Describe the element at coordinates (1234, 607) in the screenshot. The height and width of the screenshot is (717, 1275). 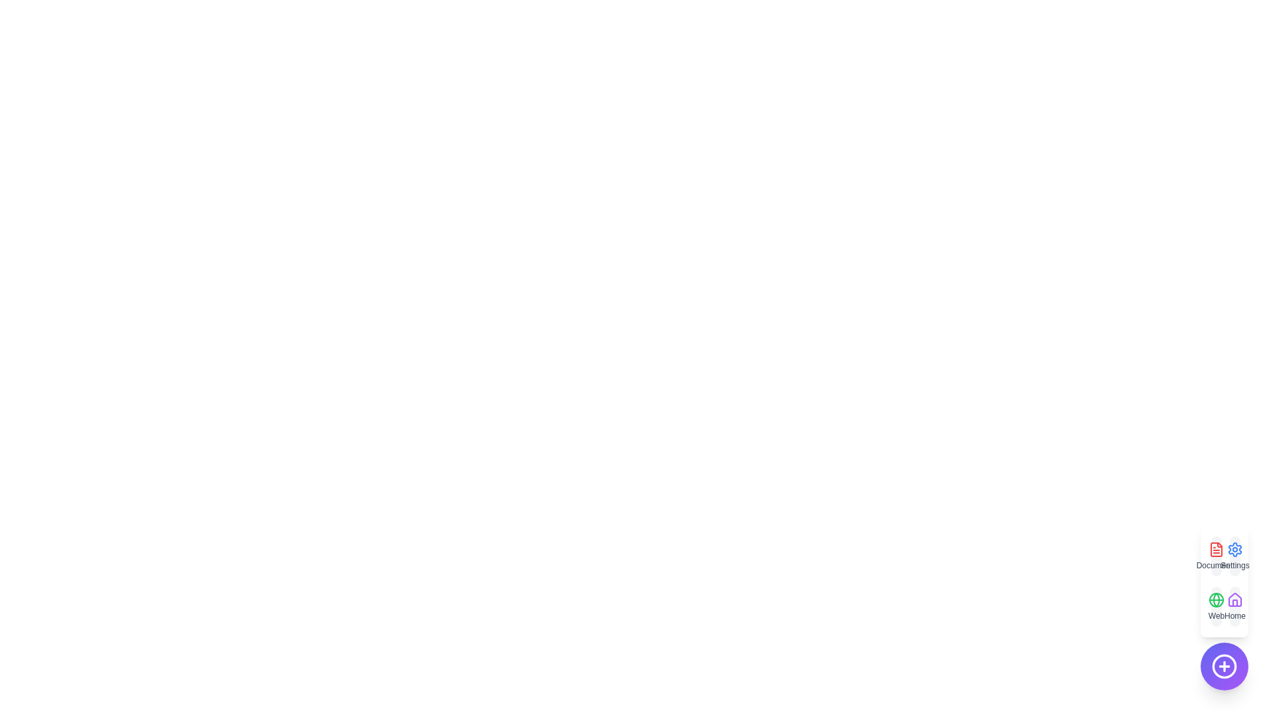
I see `the Home option in the EnhancedSpeedDial component` at that location.